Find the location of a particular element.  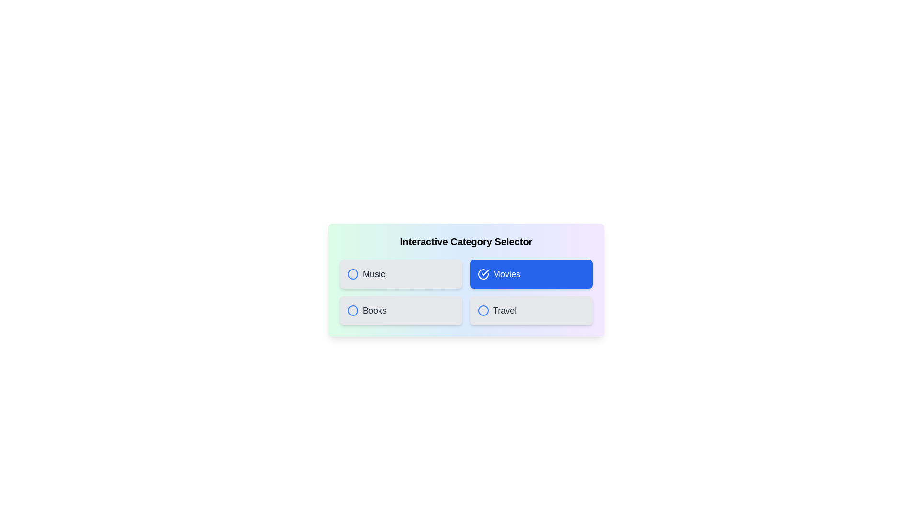

the category Music to observe the hover effect is located at coordinates (401, 274).